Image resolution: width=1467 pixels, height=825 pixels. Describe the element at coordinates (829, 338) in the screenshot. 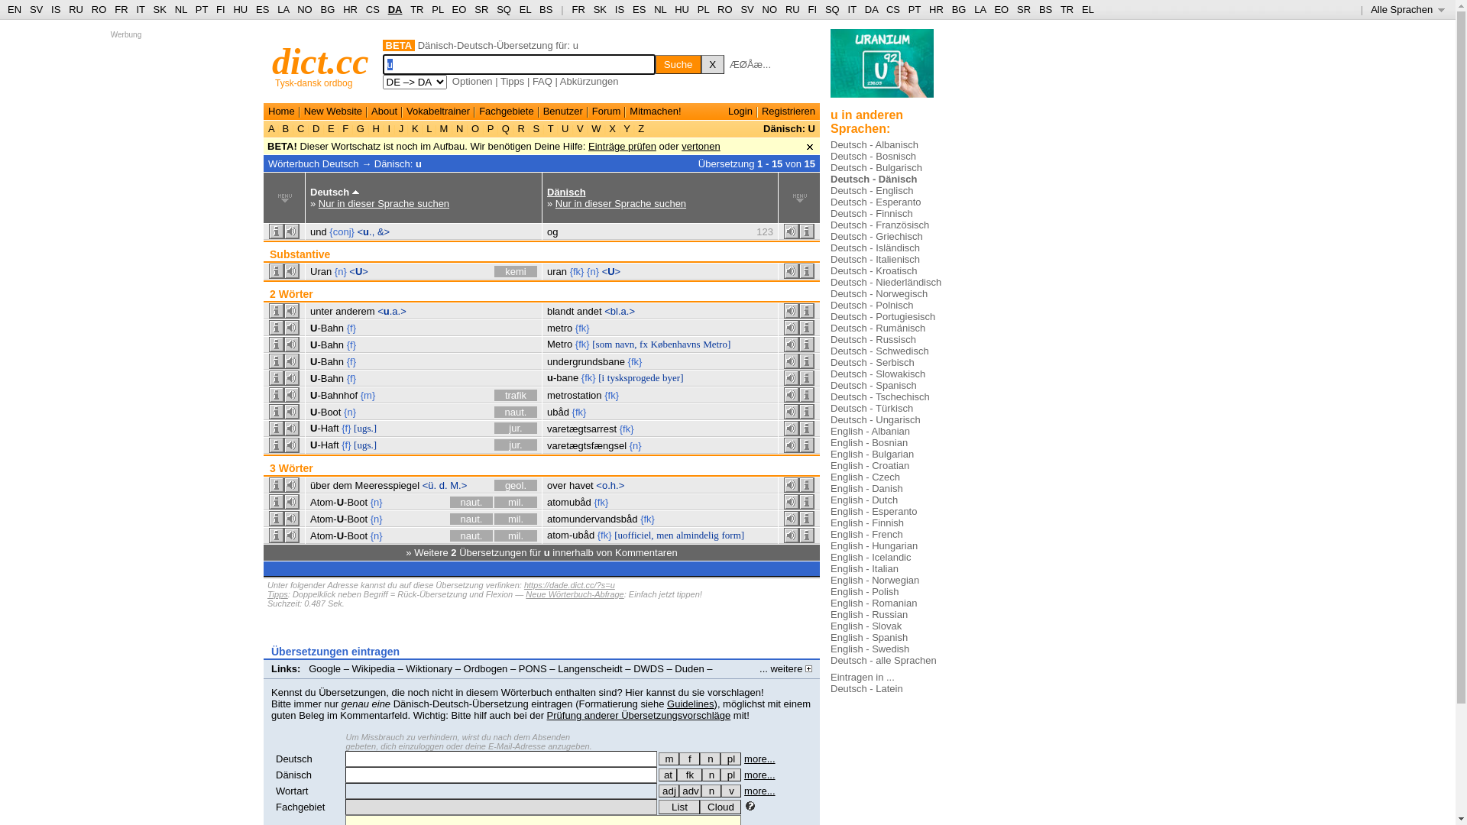

I see `'Deutsch - Russisch'` at that location.